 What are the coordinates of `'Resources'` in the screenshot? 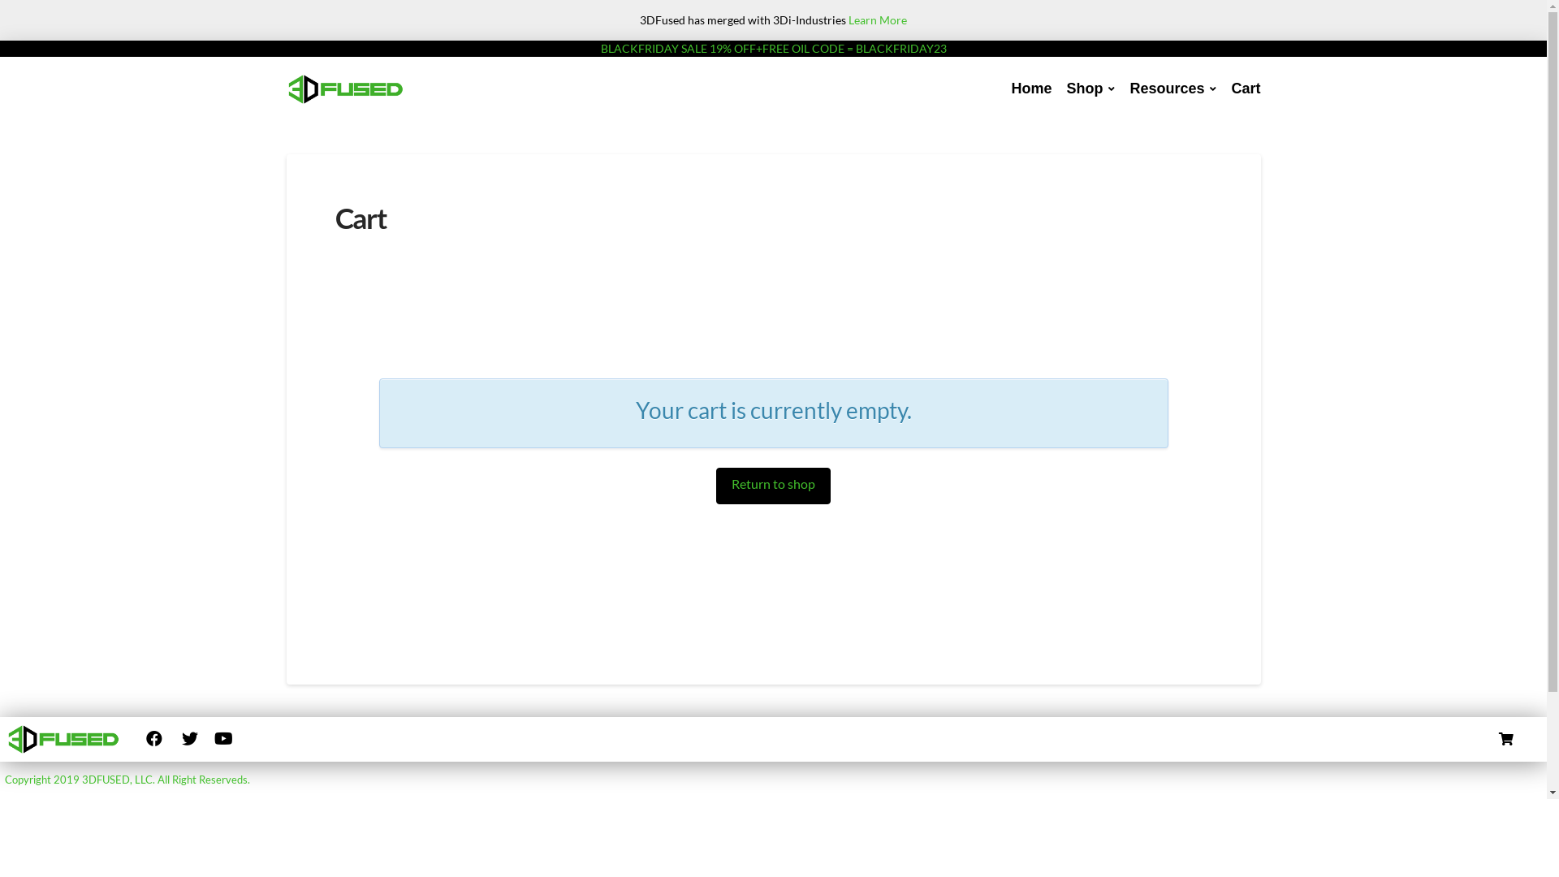 It's located at (1121, 89).